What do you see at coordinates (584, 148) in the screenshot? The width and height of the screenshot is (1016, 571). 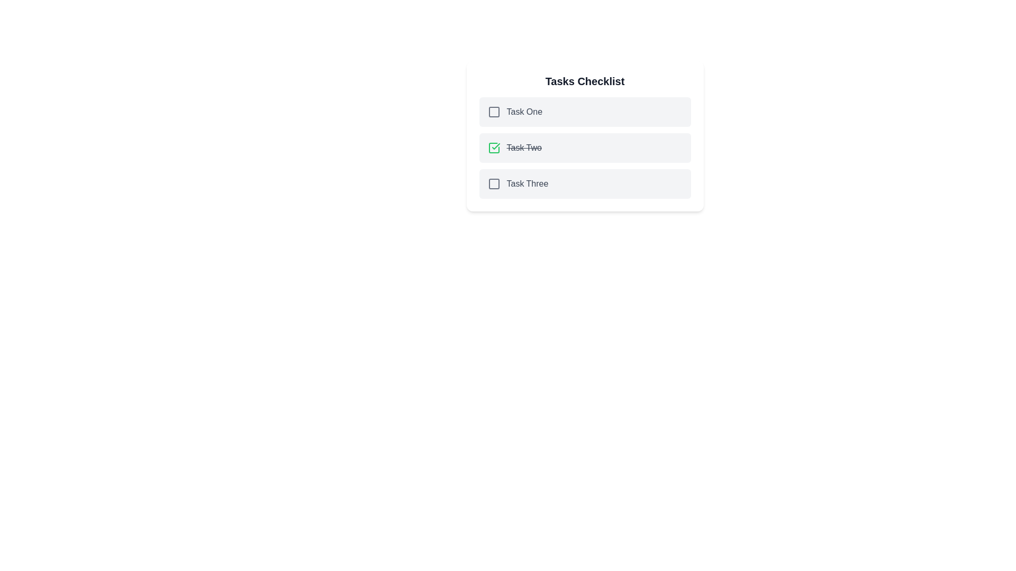 I see `the checklist item labeled 'Task Two' which is styled with a green checkmark and has a strikethrough effect` at bounding box center [584, 148].